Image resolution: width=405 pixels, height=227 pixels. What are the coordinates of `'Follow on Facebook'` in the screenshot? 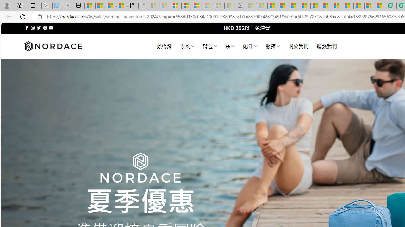 It's located at (26, 28).